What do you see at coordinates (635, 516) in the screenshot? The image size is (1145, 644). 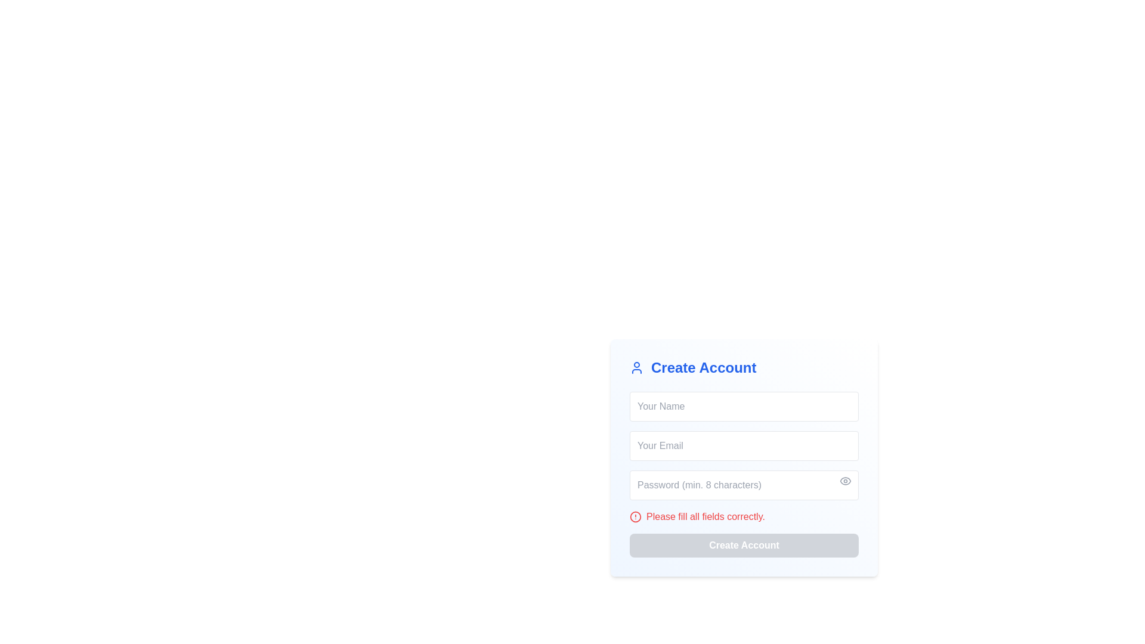 I see `the red circular alert icon located to the left of the warning text 'Please fill all fields correctly.'` at bounding box center [635, 516].